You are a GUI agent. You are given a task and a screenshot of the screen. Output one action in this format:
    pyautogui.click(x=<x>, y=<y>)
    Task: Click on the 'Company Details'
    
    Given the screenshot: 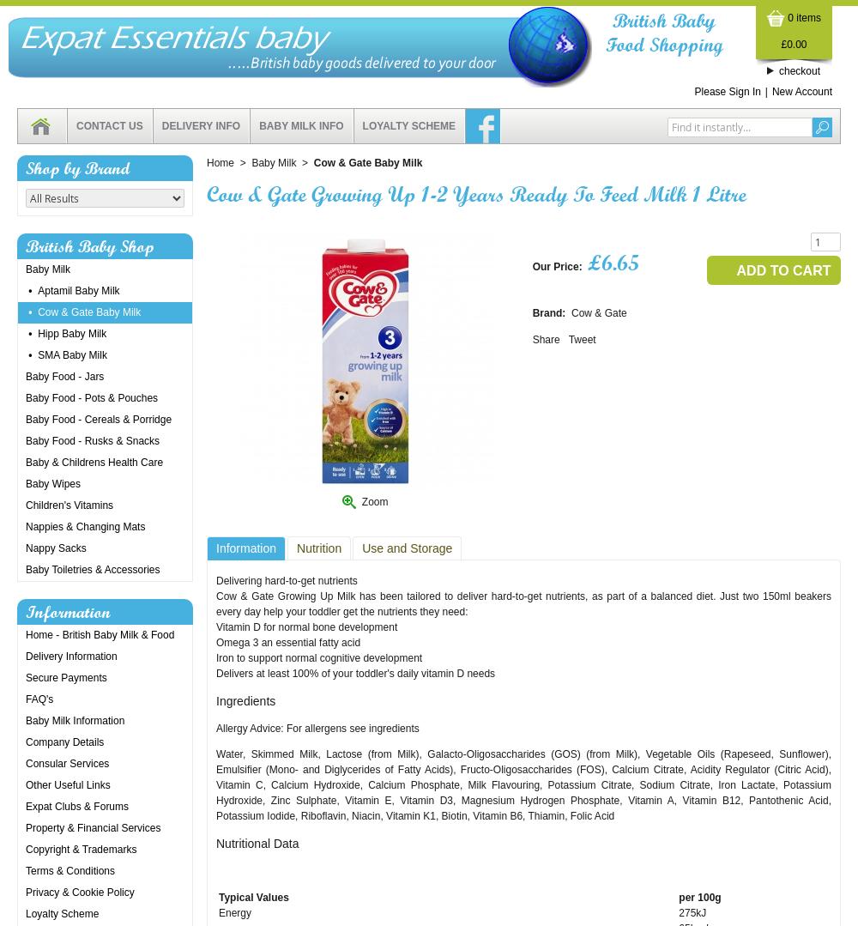 What is the action you would take?
    pyautogui.click(x=26, y=742)
    